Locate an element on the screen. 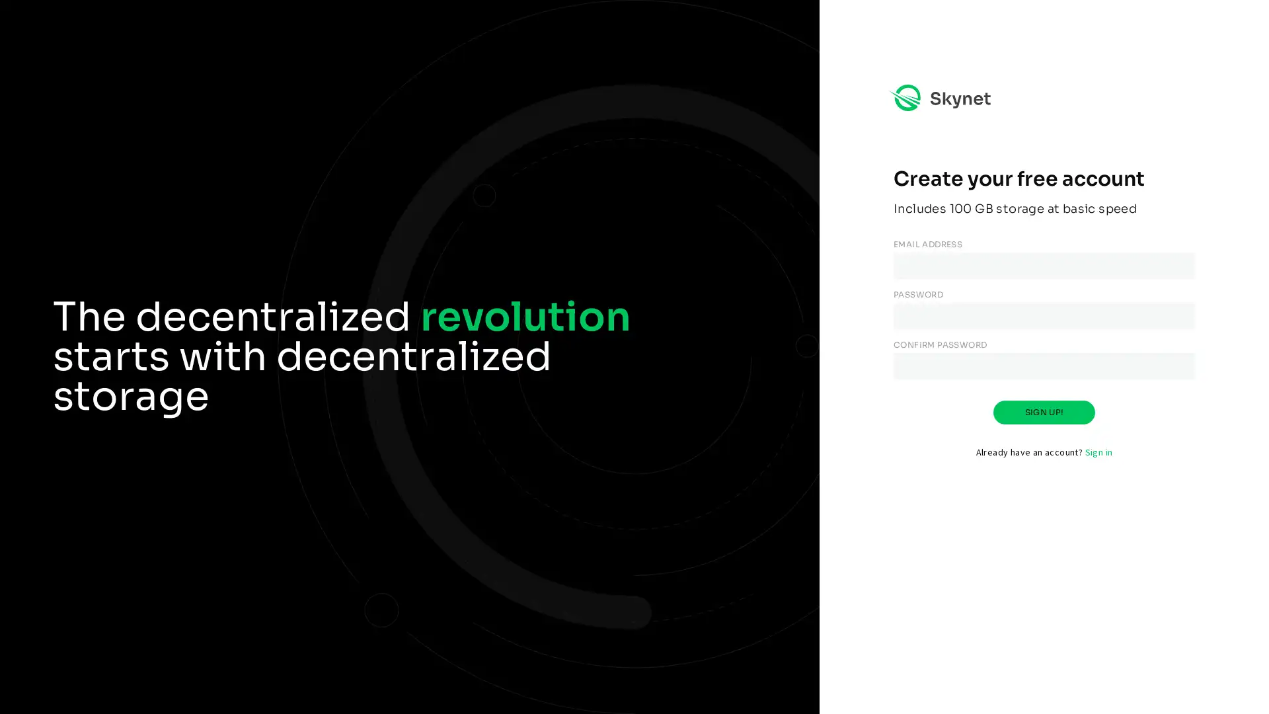 The height and width of the screenshot is (714, 1269). SIGN UP! is located at coordinates (1043, 412).